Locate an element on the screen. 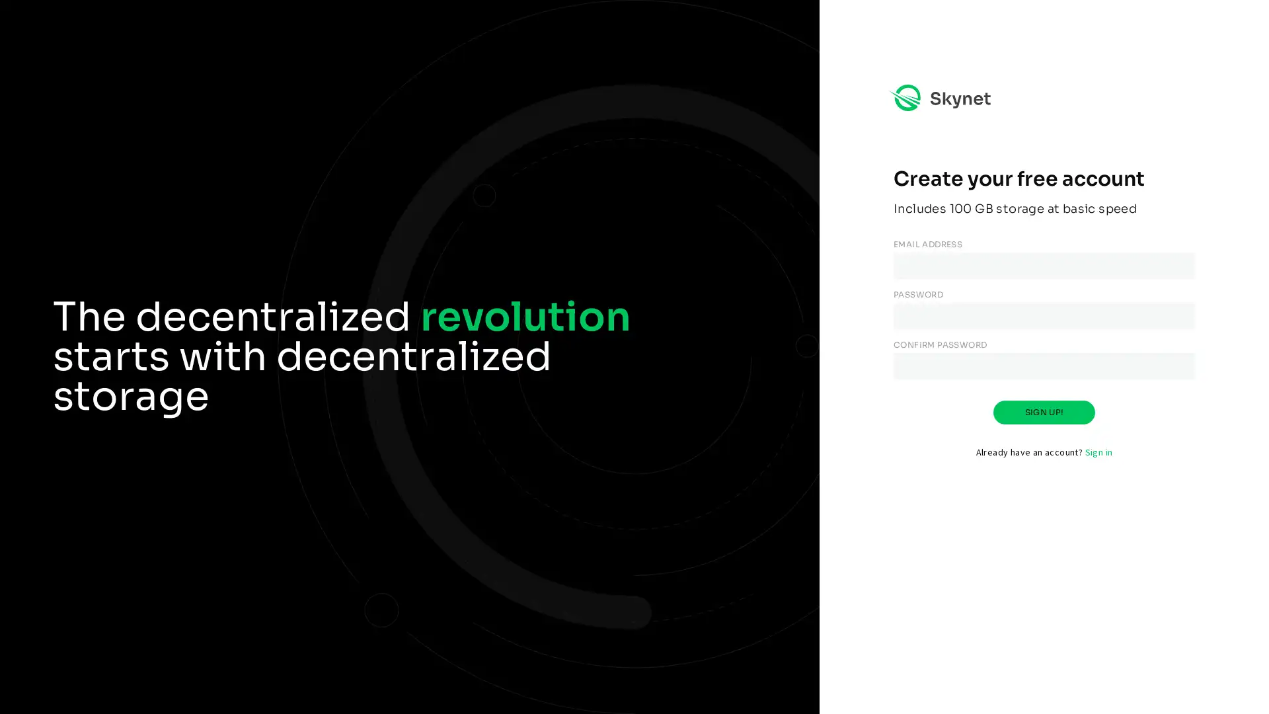 The height and width of the screenshot is (714, 1269). SIGN UP! is located at coordinates (1043, 412).